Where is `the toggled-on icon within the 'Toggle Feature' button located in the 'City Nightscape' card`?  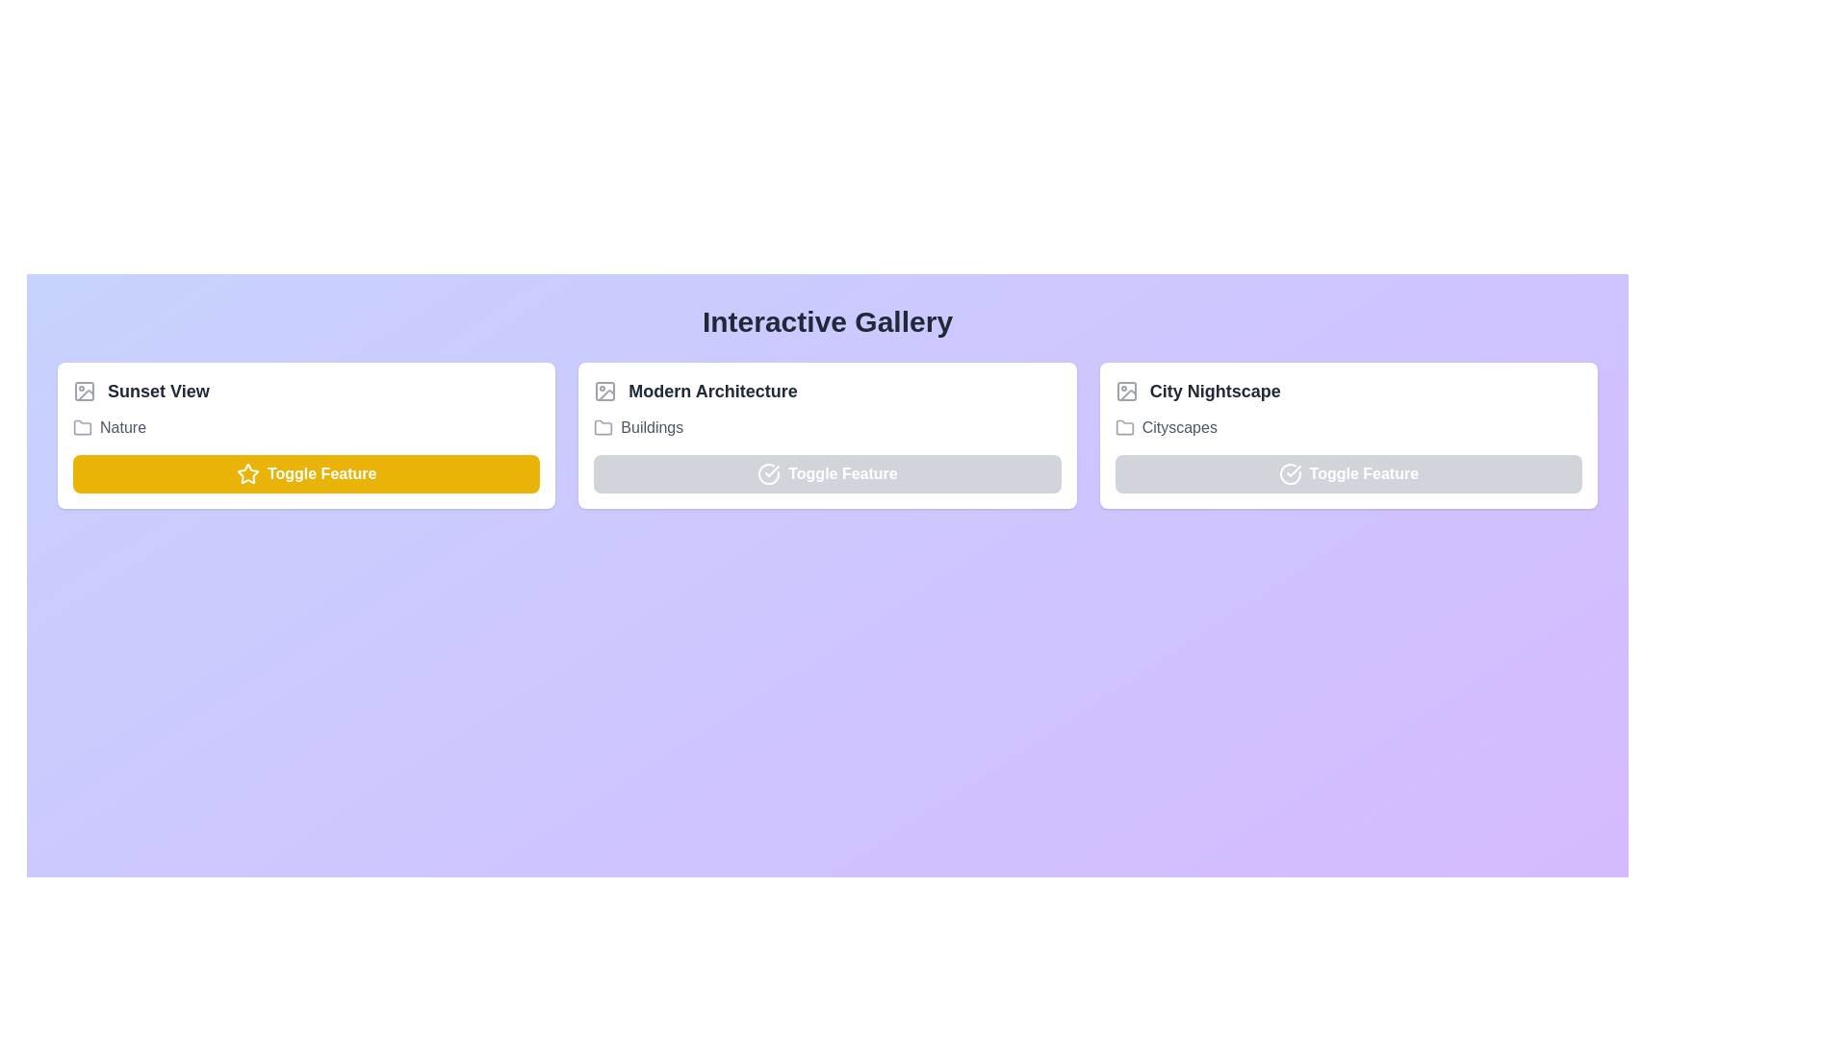
the toggled-on icon within the 'Toggle Feature' button located in the 'City Nightscape' card is located at coordinates (1290, 474).